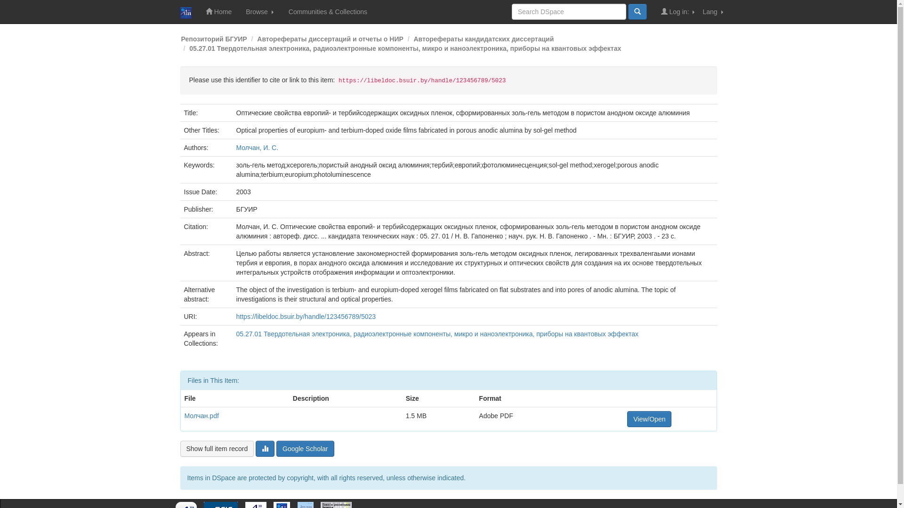 This screenshot has width=904, height=508. Describe the element at coordinates (305, 448) in the screenshot. I see `'Google Scholar'` at that location.